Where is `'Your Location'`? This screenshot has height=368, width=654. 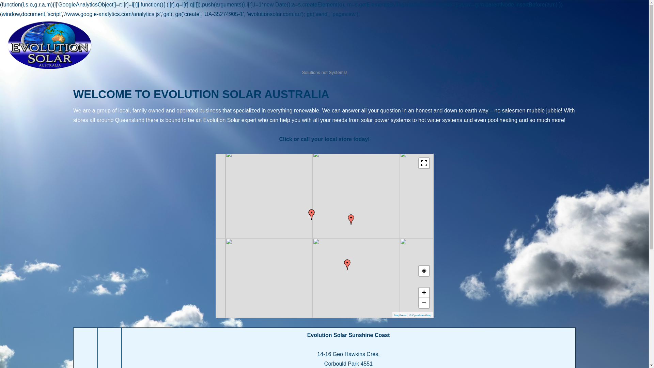
'Your Location' is located at coordinates (423, 270).